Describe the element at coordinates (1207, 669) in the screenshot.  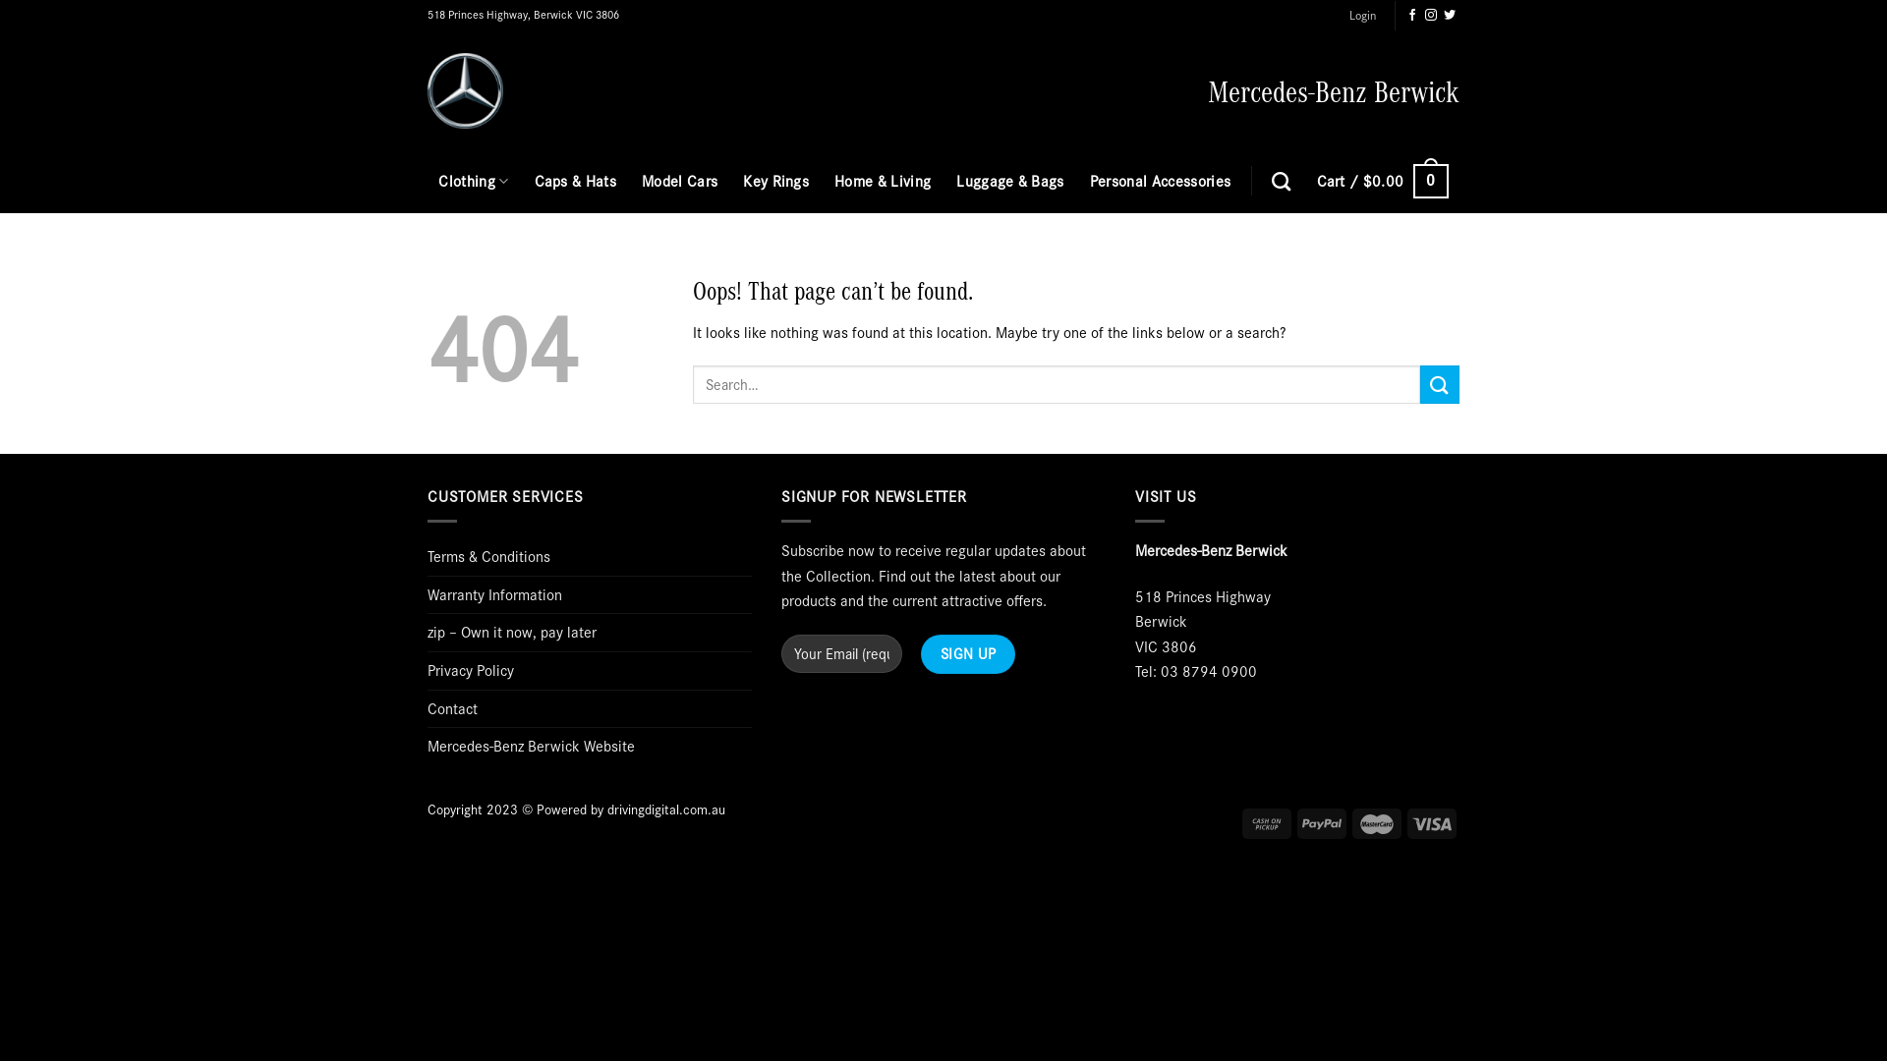
I see `'03 8794 0900'` at that location.